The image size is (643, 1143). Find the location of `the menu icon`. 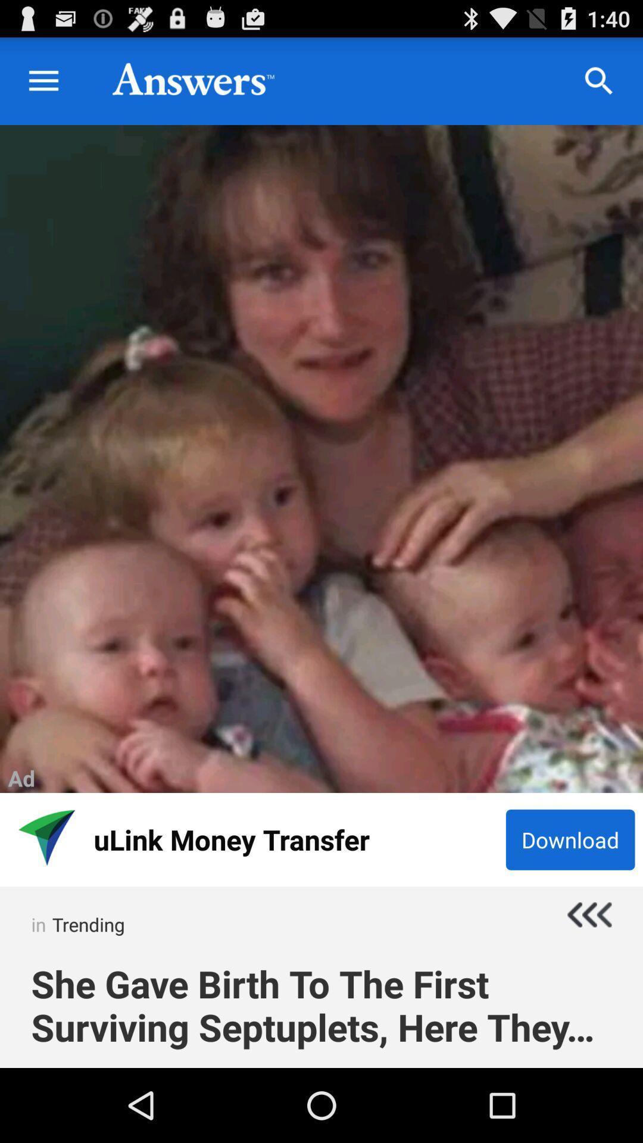

the menu icon is located at coordinates (43, 86).